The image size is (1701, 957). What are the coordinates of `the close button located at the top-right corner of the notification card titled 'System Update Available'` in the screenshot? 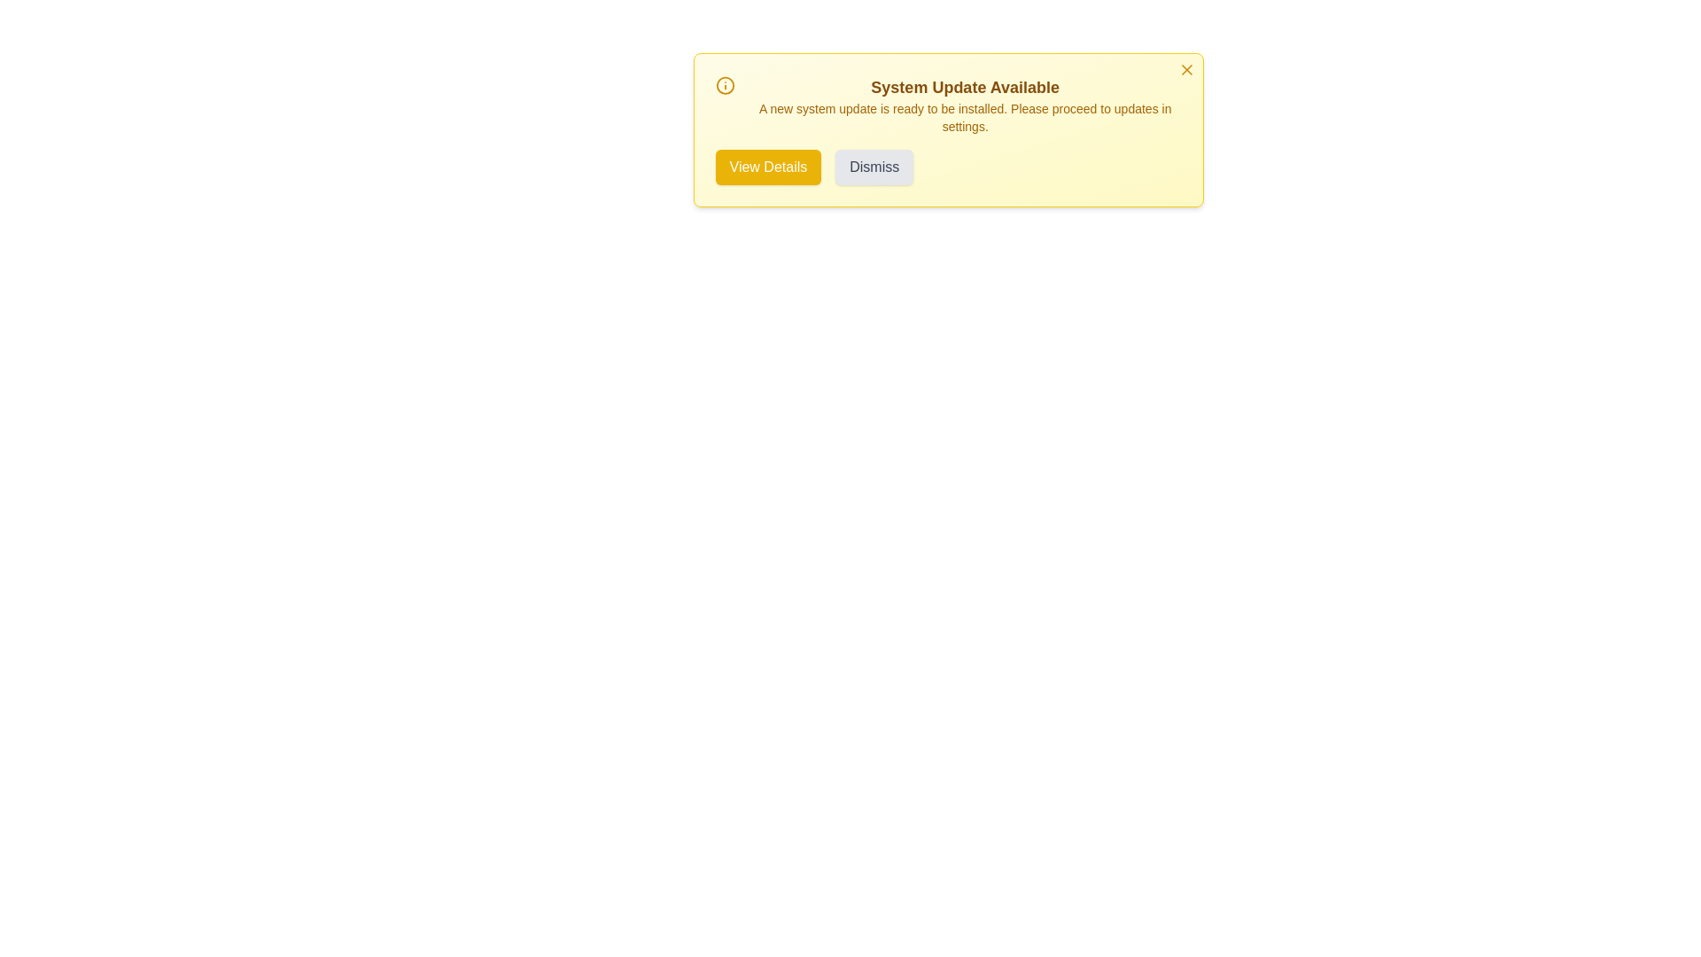 It's located at (1186, 68).